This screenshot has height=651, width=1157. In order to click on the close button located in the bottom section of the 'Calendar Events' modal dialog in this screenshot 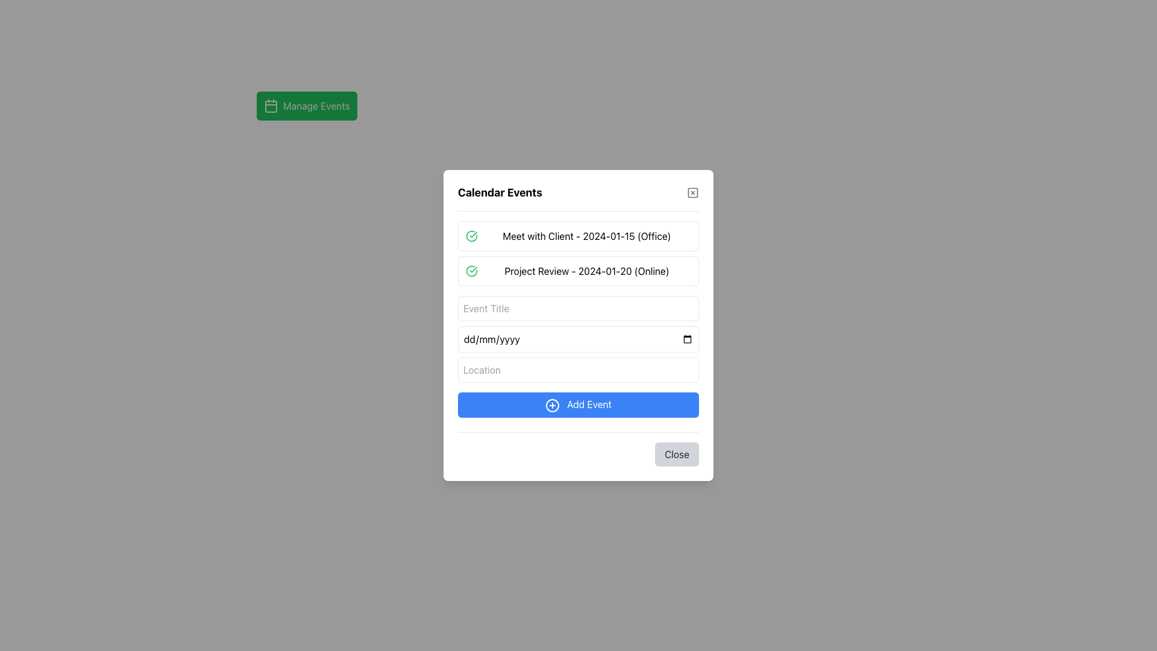, I will do `click(578, 448)`.